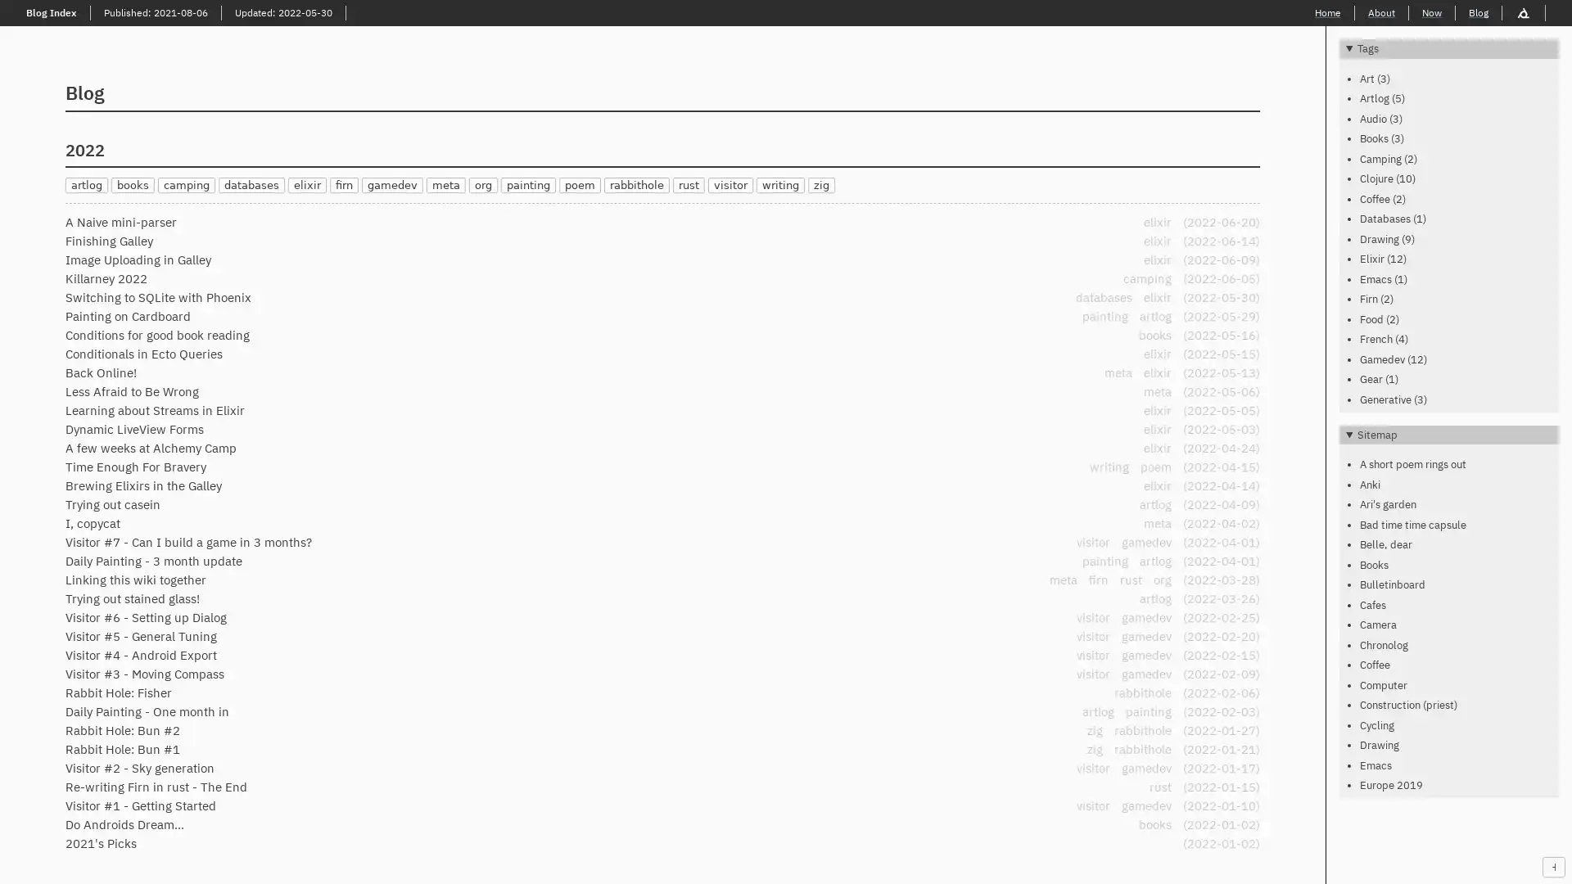 The image size is (1572, 884). What do you see at coordinates (307, 184) in the screenshot?
I see `elixir` at bounding box center [307, 184].